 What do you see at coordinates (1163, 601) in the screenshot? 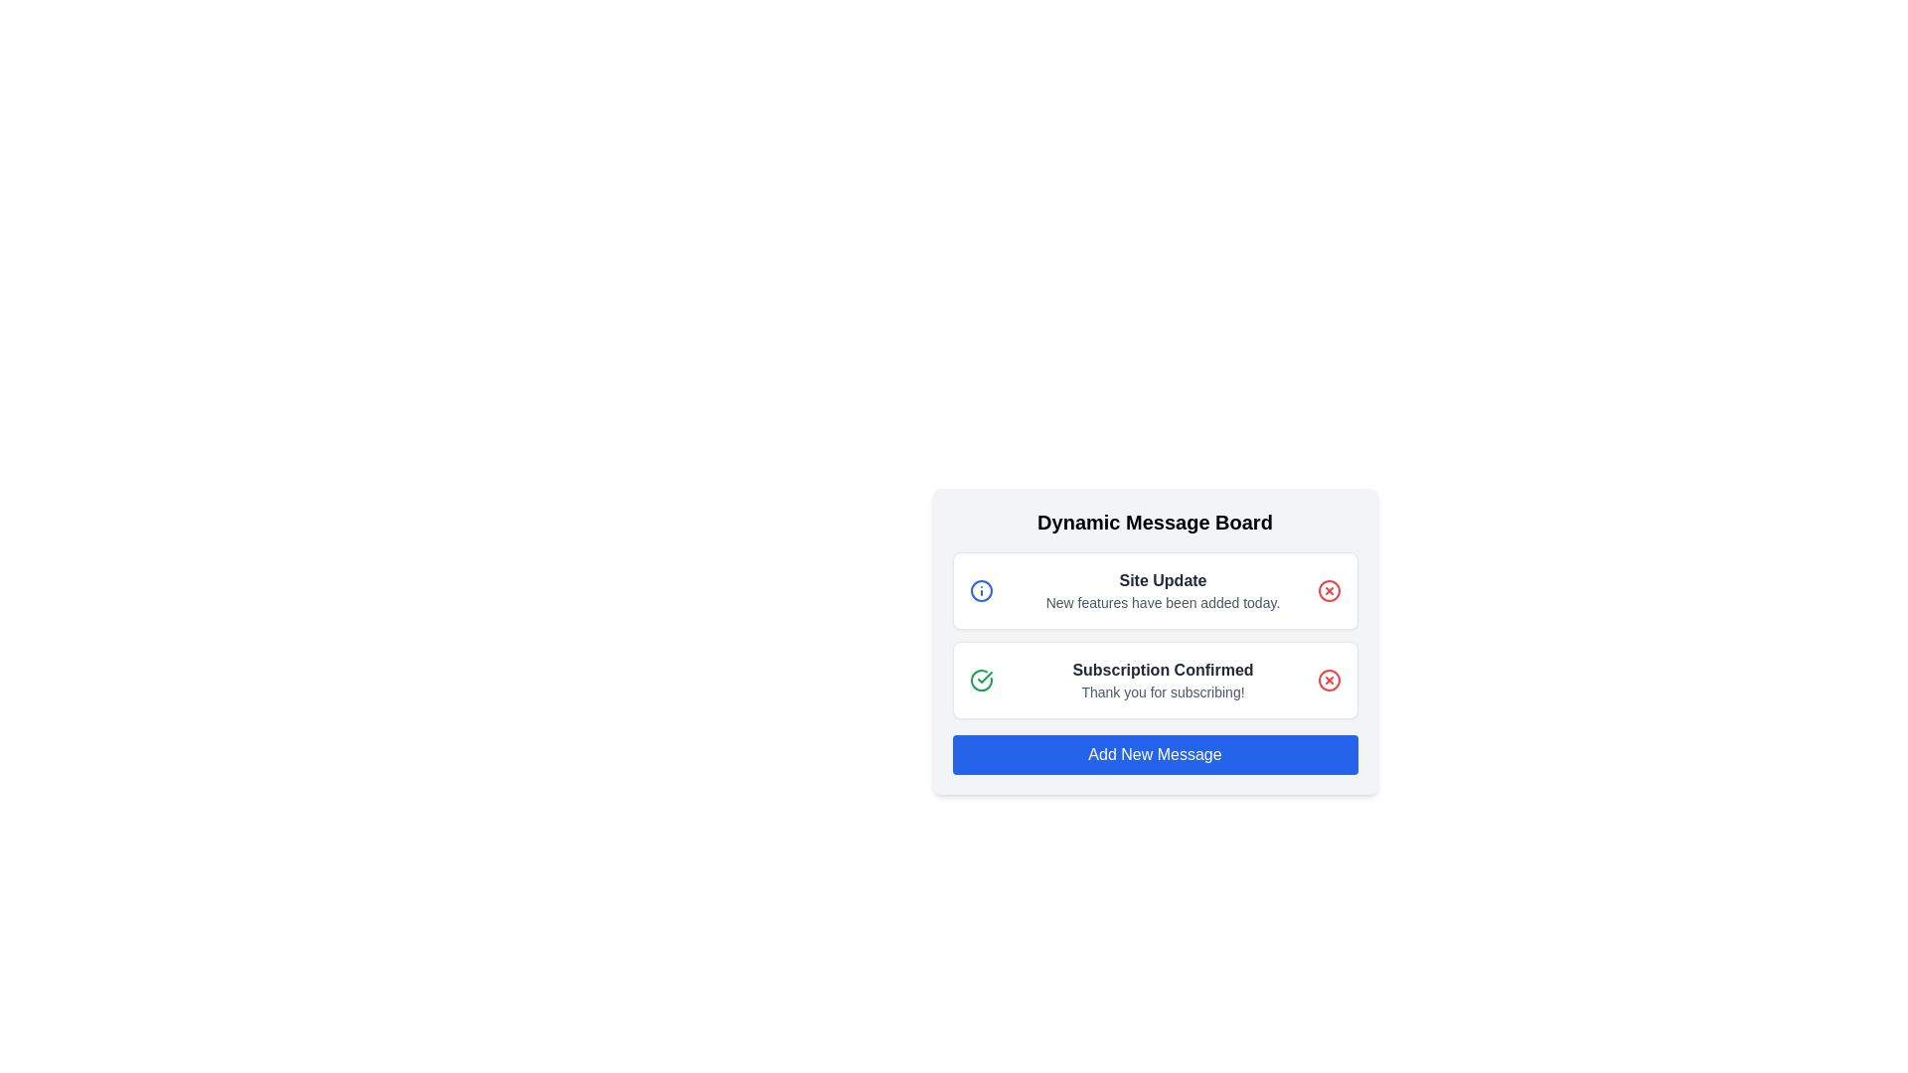
I see `text label that contains the message 'New features have been added today.', which is styled in small gray font and positioned below the bold header 'Site Update'` at bounding box center [1163, 601].